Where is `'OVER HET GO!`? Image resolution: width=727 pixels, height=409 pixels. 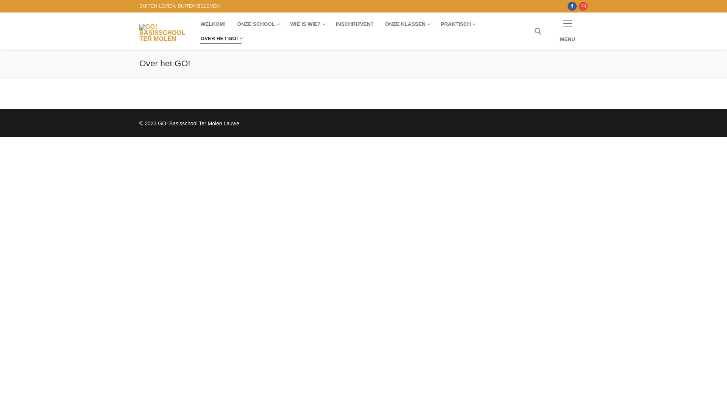 'OVER HET GO! is located at coordinates (220, 38).